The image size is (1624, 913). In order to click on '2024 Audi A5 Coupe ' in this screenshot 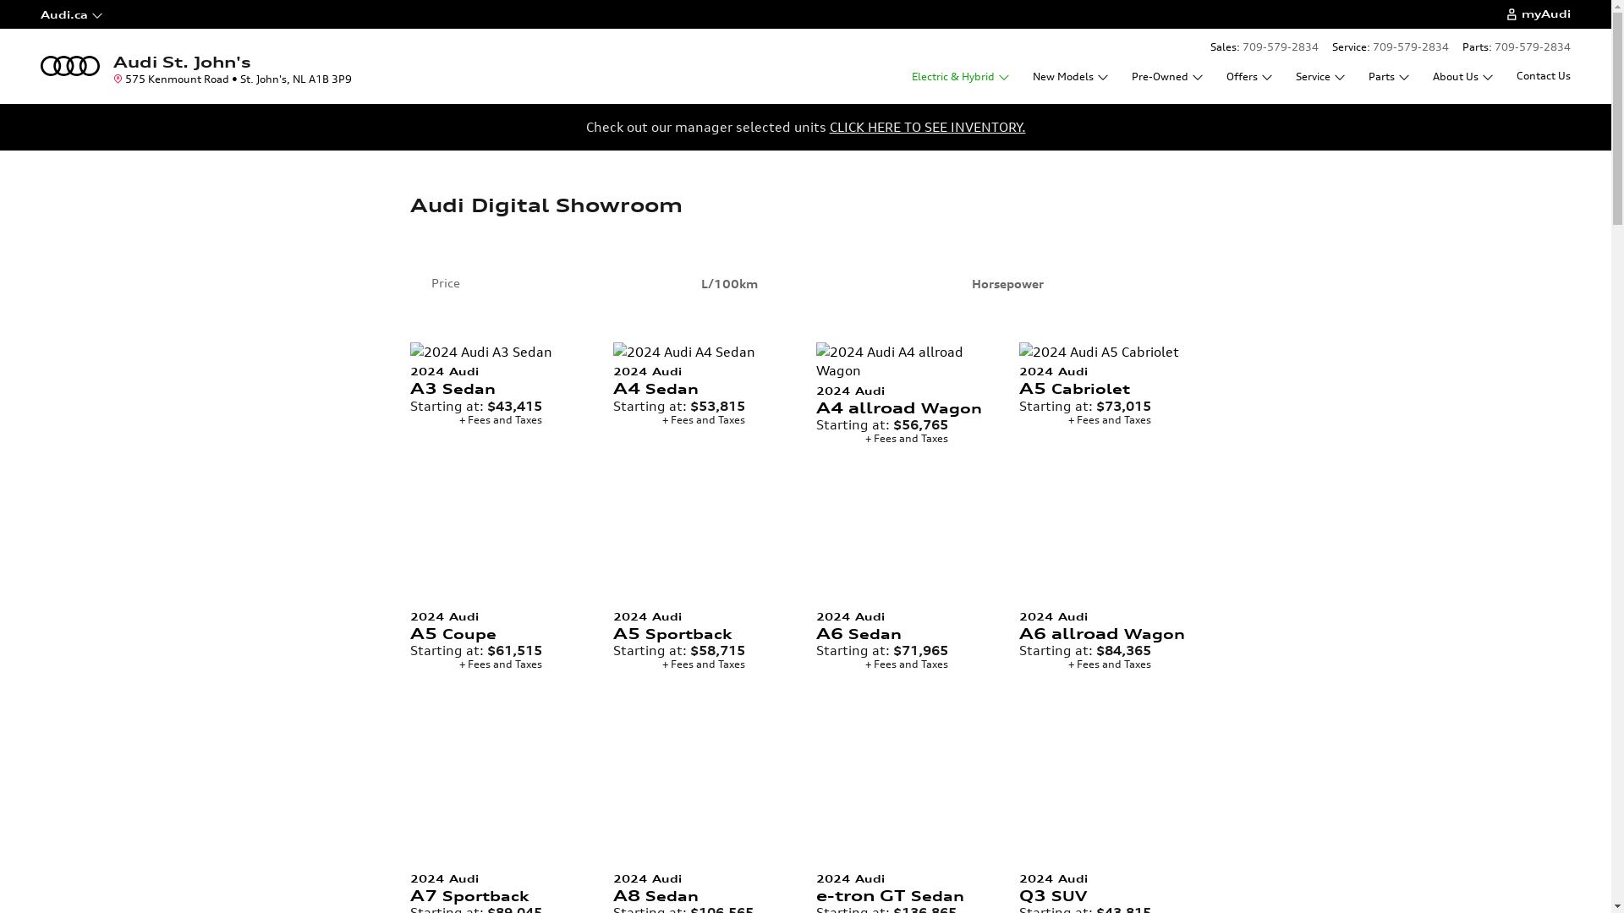, I will do `click(409, 603)`.